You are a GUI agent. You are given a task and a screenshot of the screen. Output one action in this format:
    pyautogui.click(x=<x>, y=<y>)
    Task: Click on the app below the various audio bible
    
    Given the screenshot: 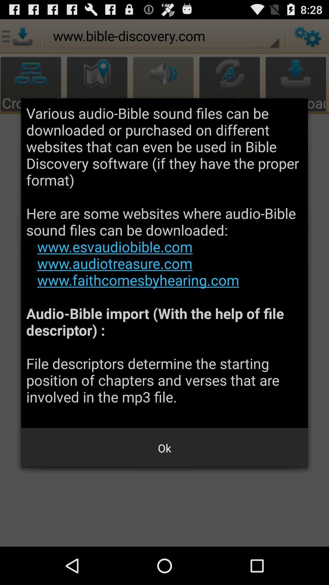 What is the action you would take?
    pyautogui.click(x=164, y=448)
    